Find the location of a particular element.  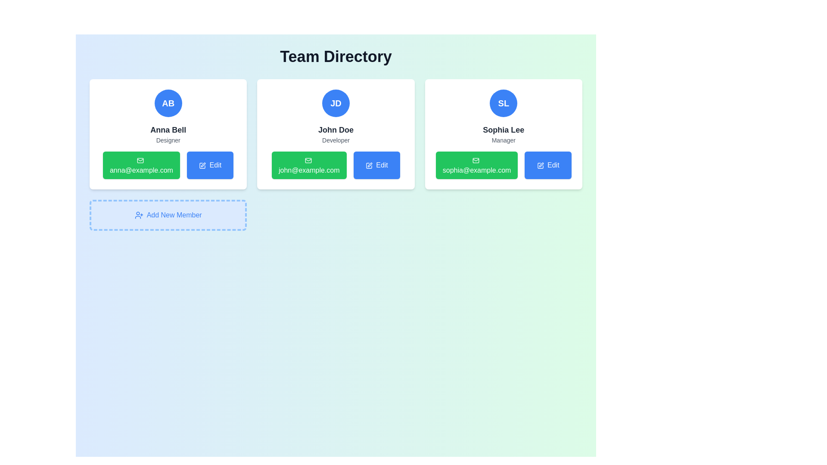

keyboard navigation is located at coordinates (547, 165).